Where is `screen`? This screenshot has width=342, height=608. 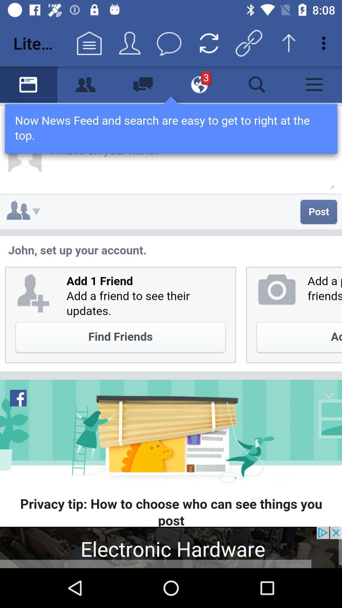
screen is located at coordinates (171, 296).